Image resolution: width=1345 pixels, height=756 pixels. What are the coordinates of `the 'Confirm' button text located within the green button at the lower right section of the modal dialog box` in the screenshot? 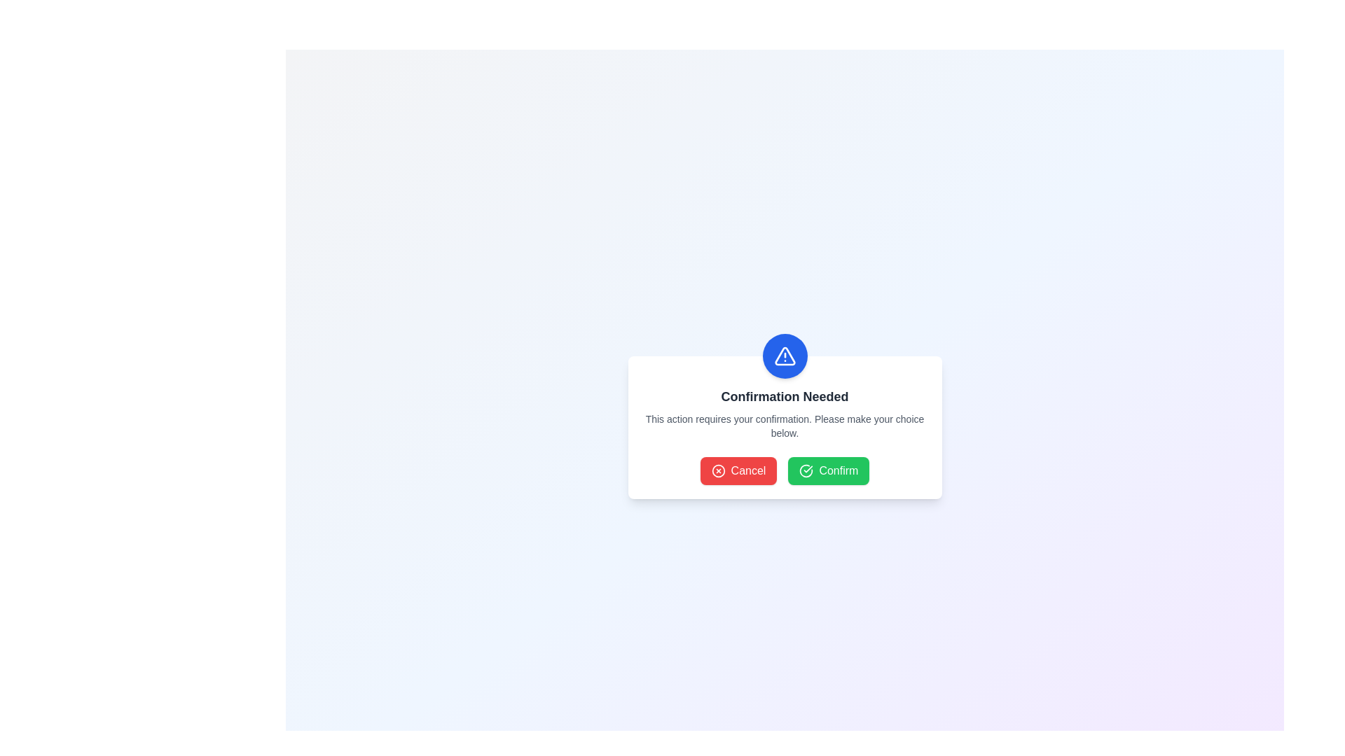 It's located at (839, 470).